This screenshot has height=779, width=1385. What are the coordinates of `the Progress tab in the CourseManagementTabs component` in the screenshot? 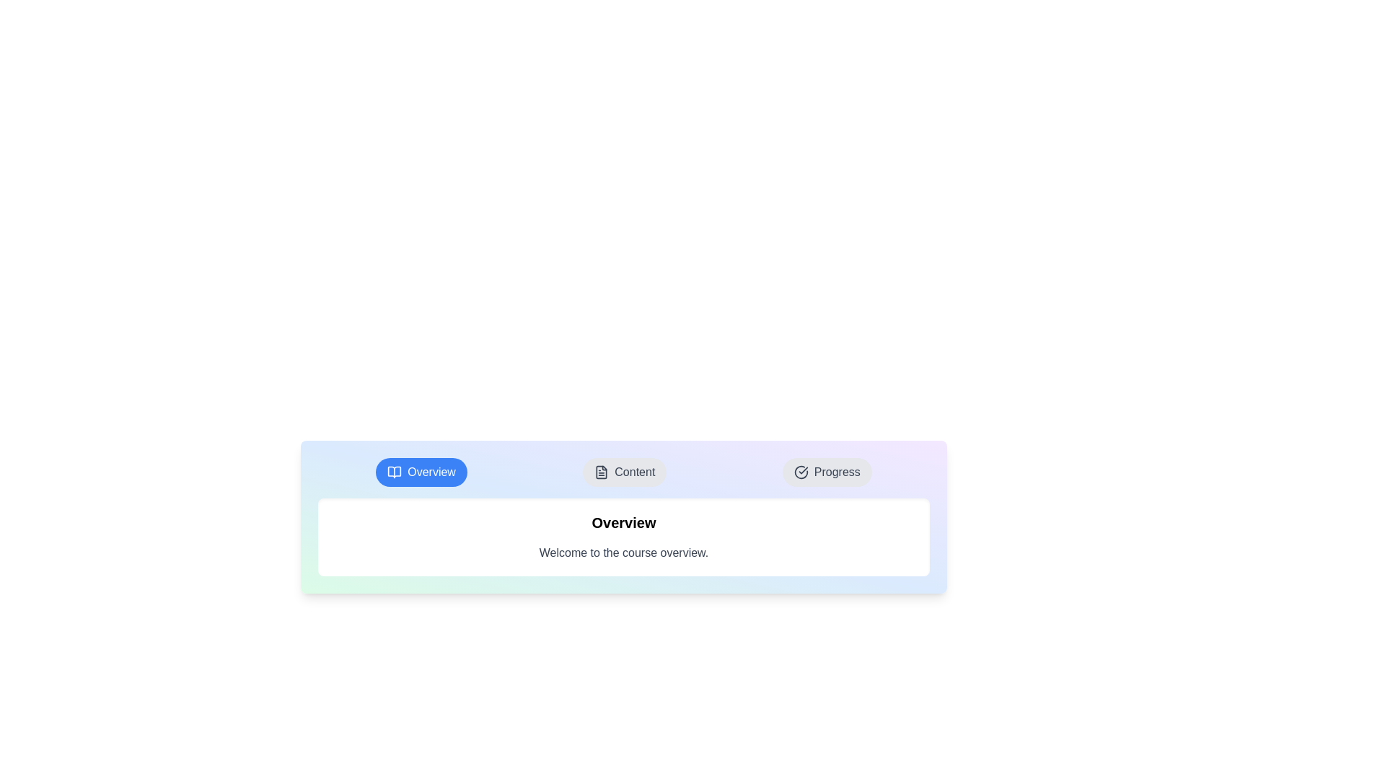 It's located at (827, 472).